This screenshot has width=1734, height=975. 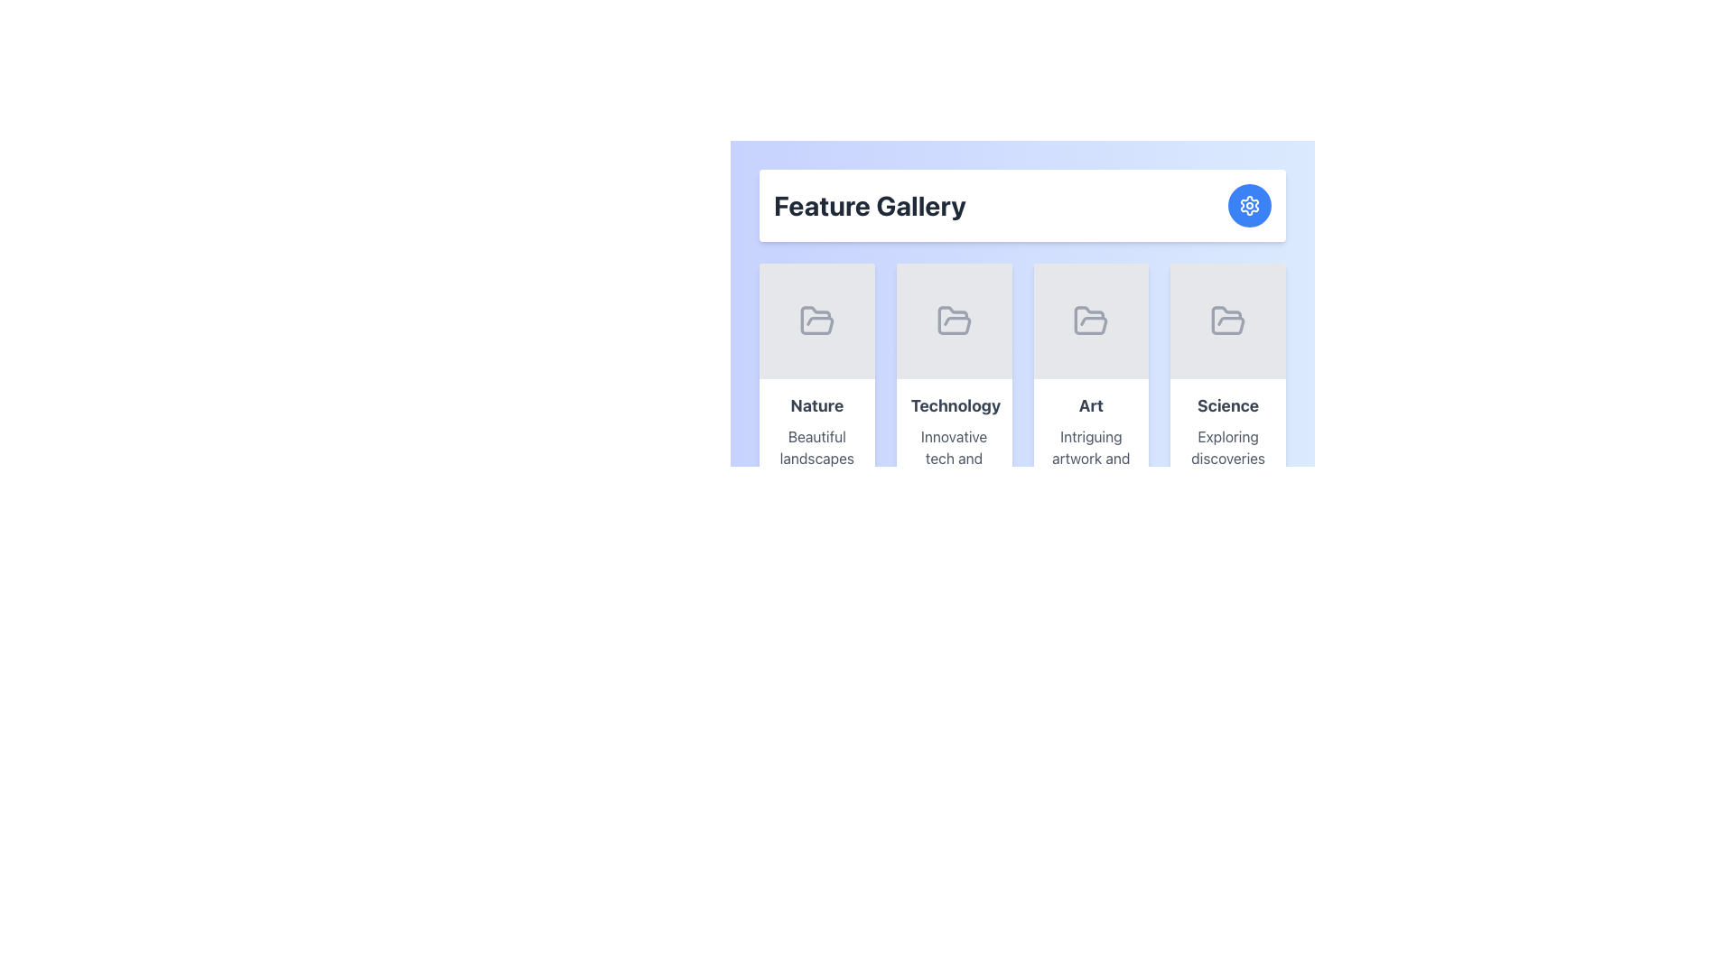 What do you see at coordinates (1090, 458) in the screenshot?
I see `the descriptive text element located within the third card beneath the 'Art' title, which provides a thematic summary related to artwork and paintings` at bounding box center [1090, 458].